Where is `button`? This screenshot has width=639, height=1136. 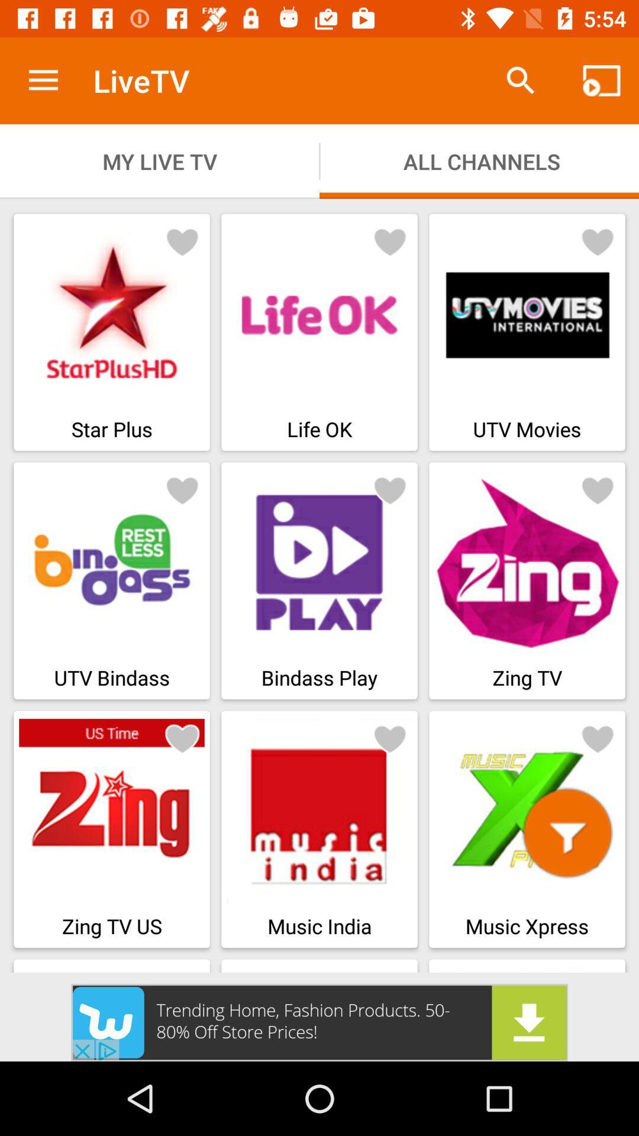 button is located at coordinates (390, 241).